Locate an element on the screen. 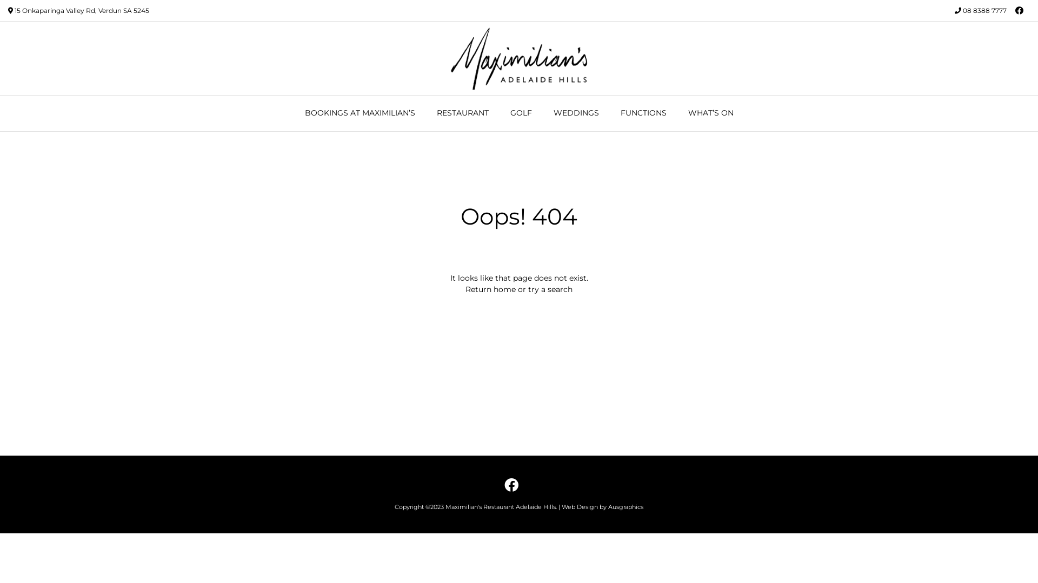 Image resolution: width=1038 pixels, height=583 pixels. 'Web Design' is located at coordinates (579, 506).